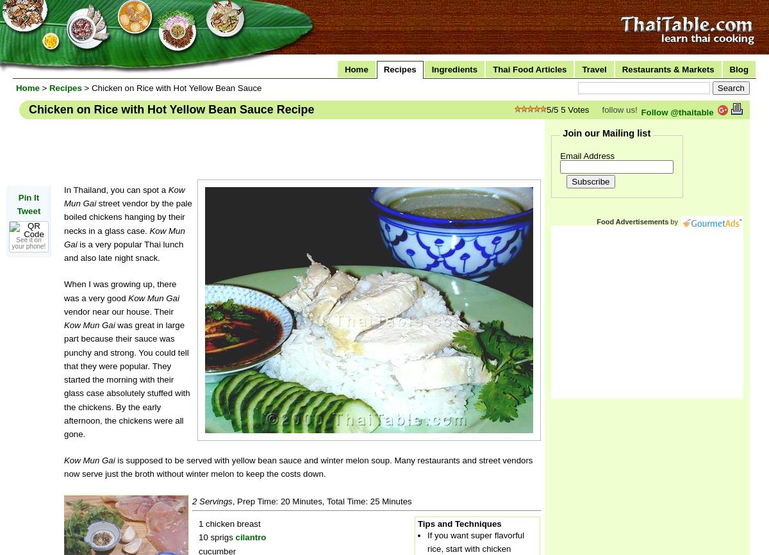 This screenshot has height=555, width=769. I want to click on 'When I was growing up, there was a very good', so click(119, 290).